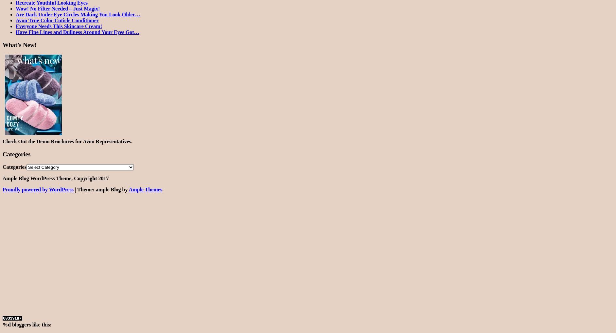  I want to click on 'Everyone Needs This Skincare Cream!', so click(59, 26).